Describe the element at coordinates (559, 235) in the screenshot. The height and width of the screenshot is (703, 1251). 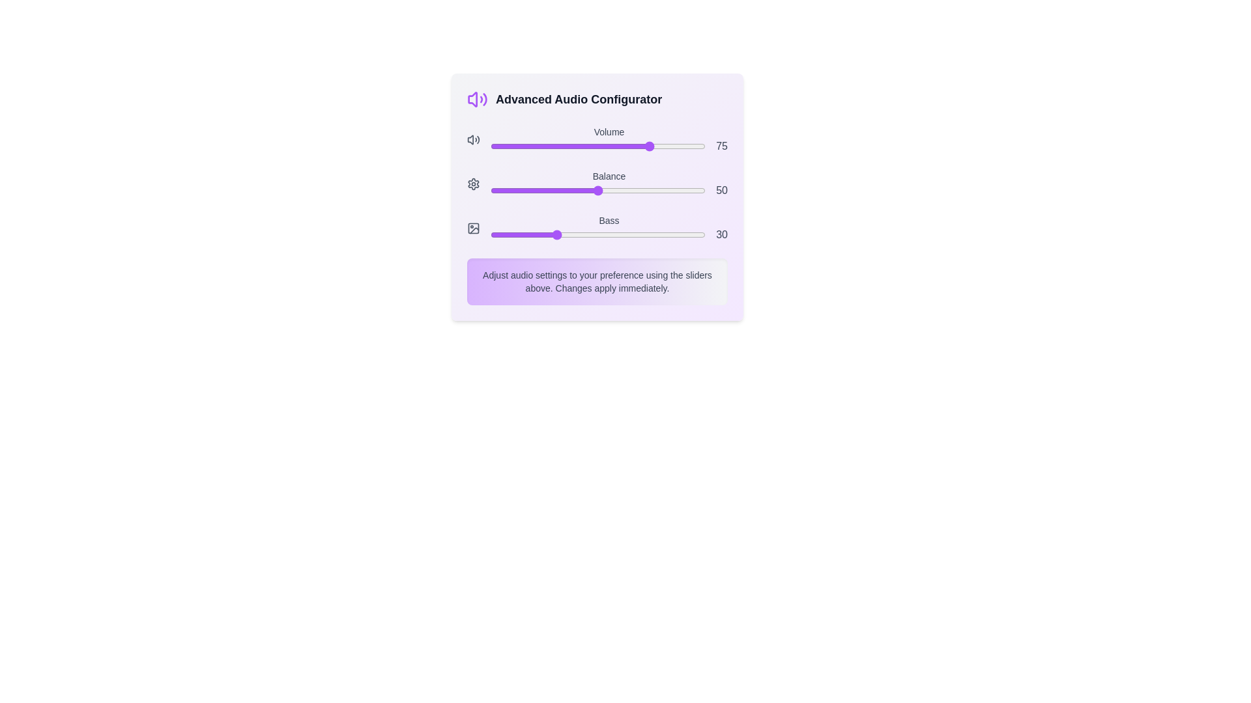
I see `the Bass slider to 32` at that location.